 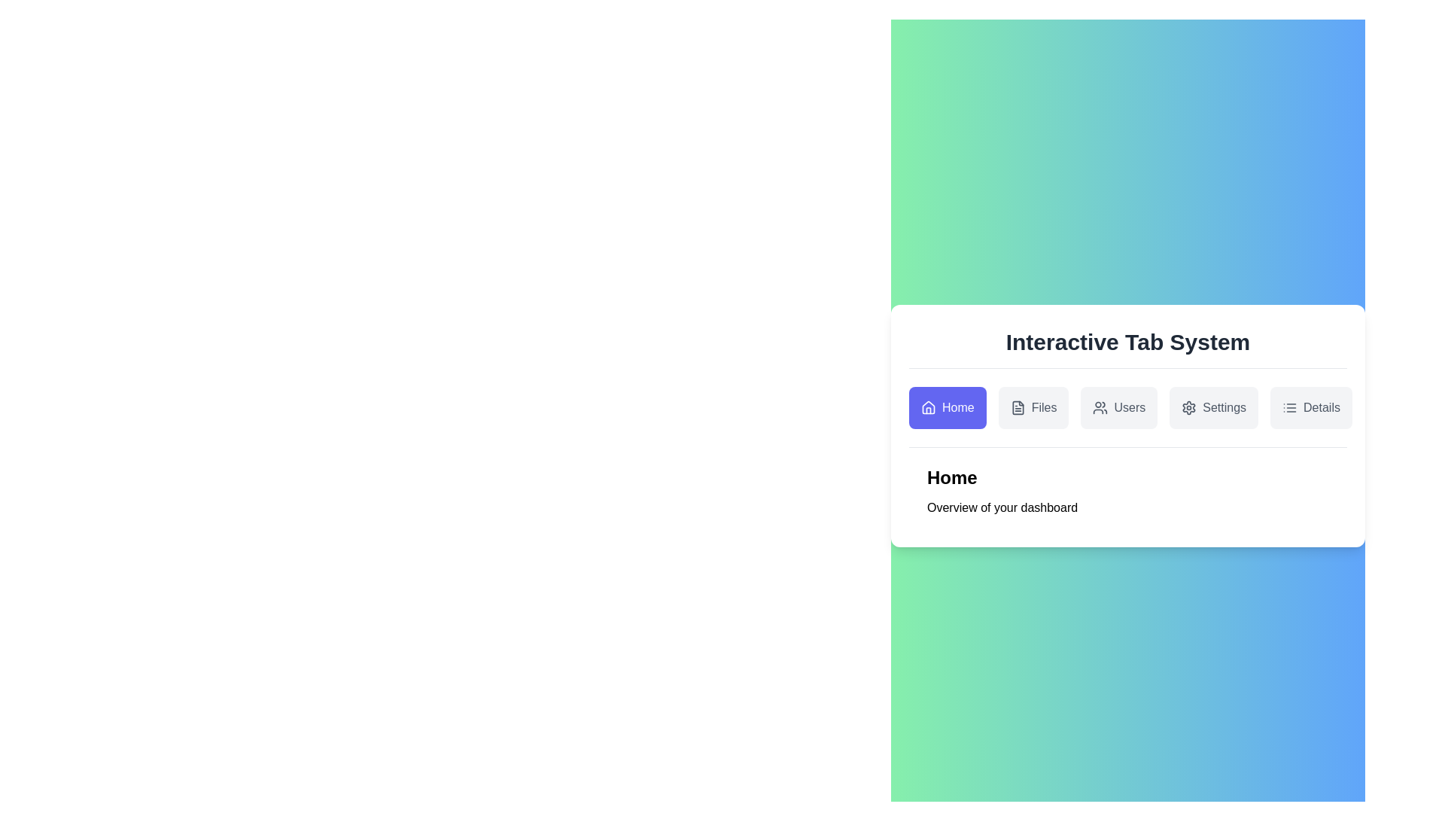 What do you see at coordinates (1127, 343) in the screenshot?
I see `text displayed in the 'Interactive Tab System' Text element, which is large and bold, centered near the top of the interface` at bounding box center [1127, 343].